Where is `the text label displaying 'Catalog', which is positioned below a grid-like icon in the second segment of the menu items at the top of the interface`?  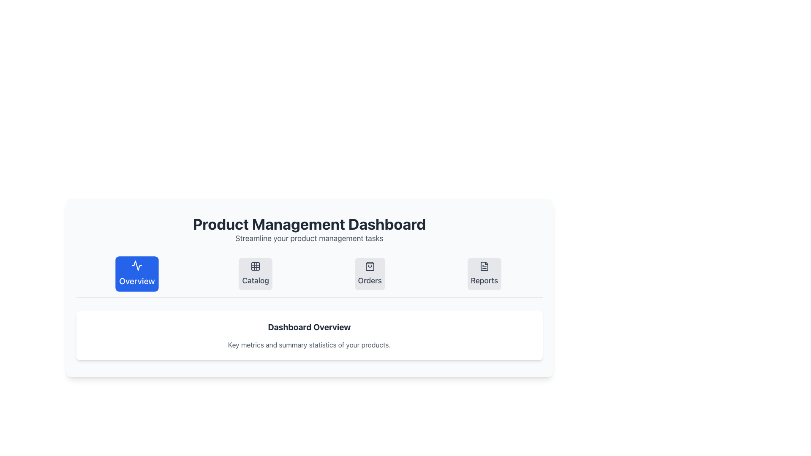 the text label displaying 'Catalog', which is positioned below a grid-like icon in the second segment of the menu items at the top of the interface is located at coordinates (255, 280).